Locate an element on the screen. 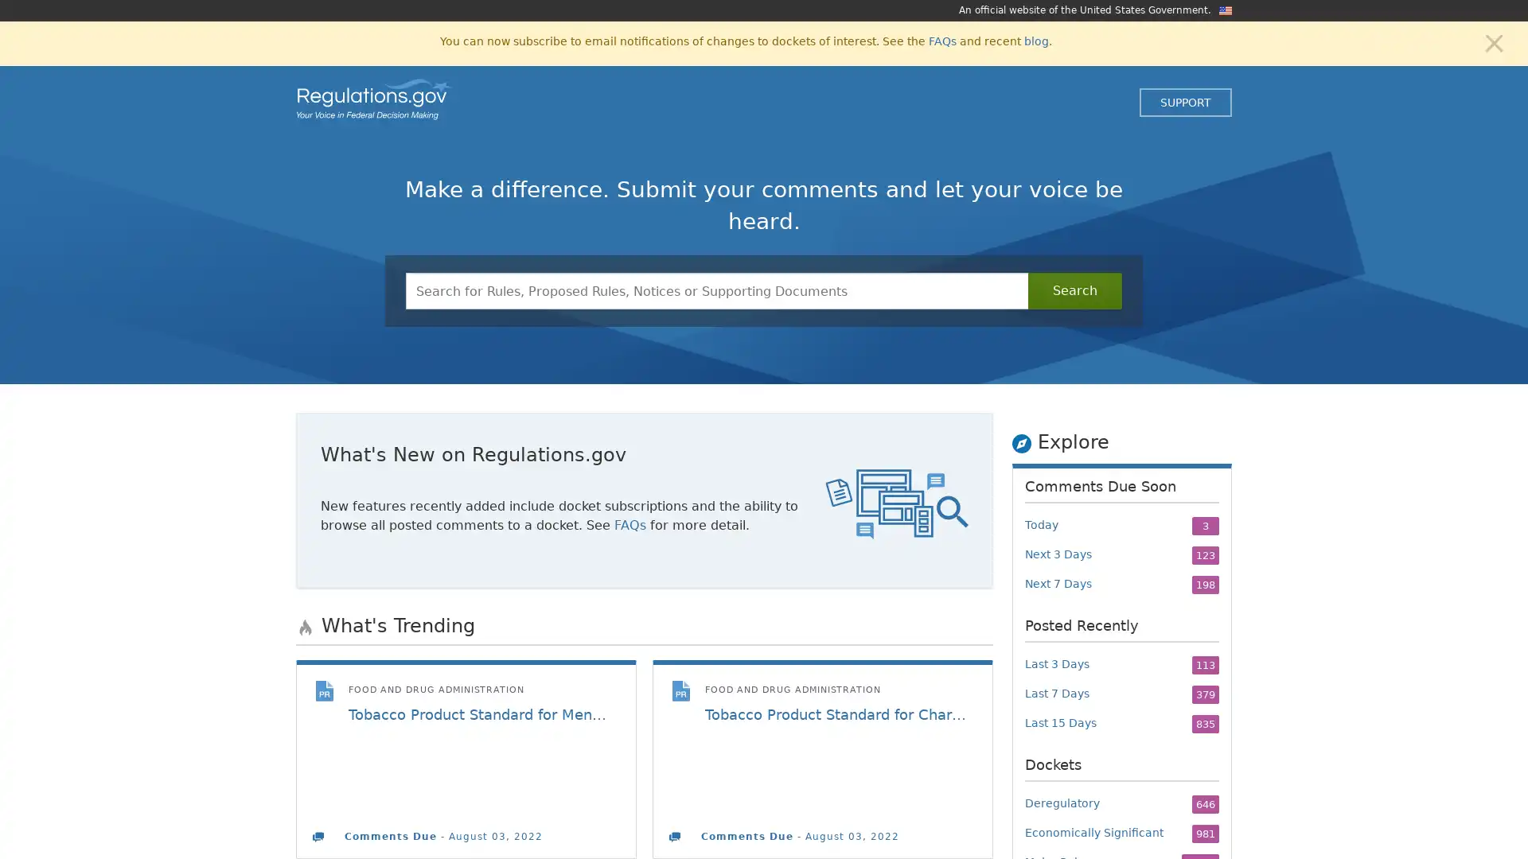 This screenshot has height=859, width=1528. Close is located at coordinates (1493, 41).